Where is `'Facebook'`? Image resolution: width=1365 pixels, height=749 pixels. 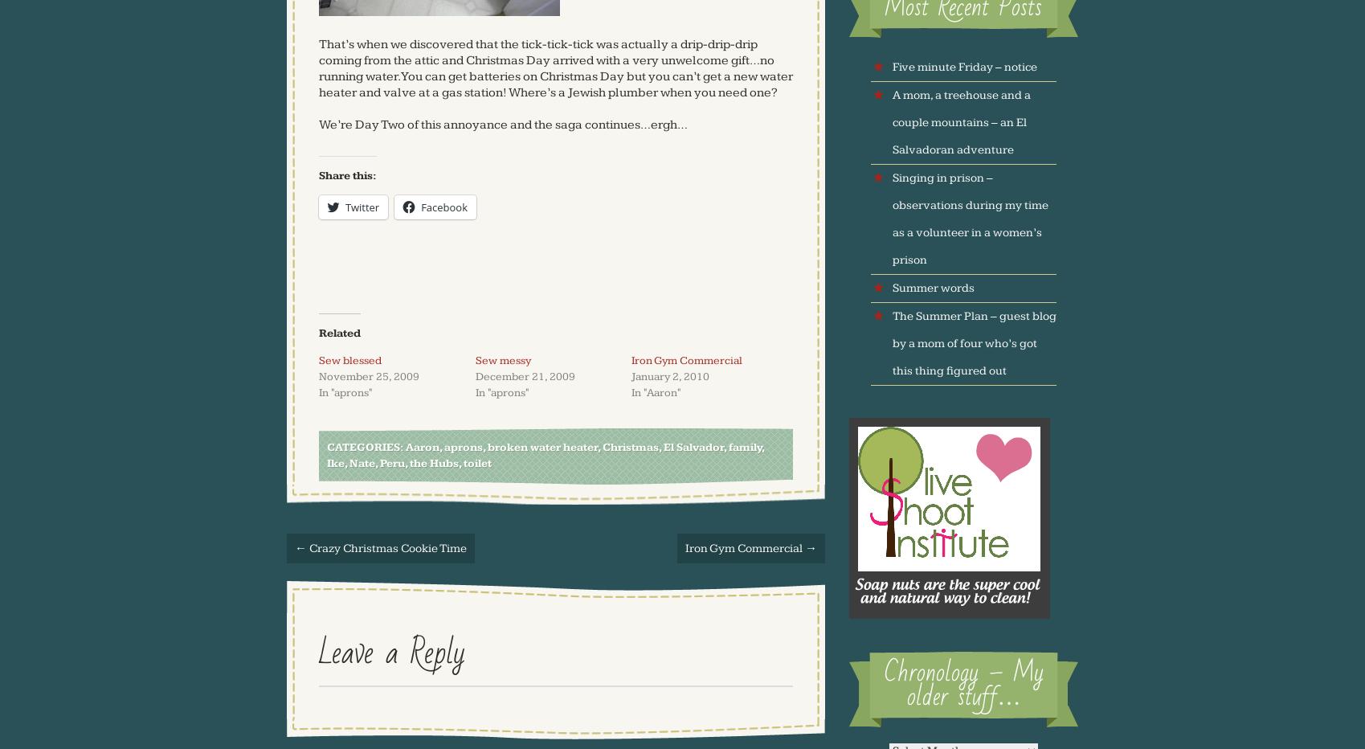 'Facebook' is located at coordinates (419, 206).